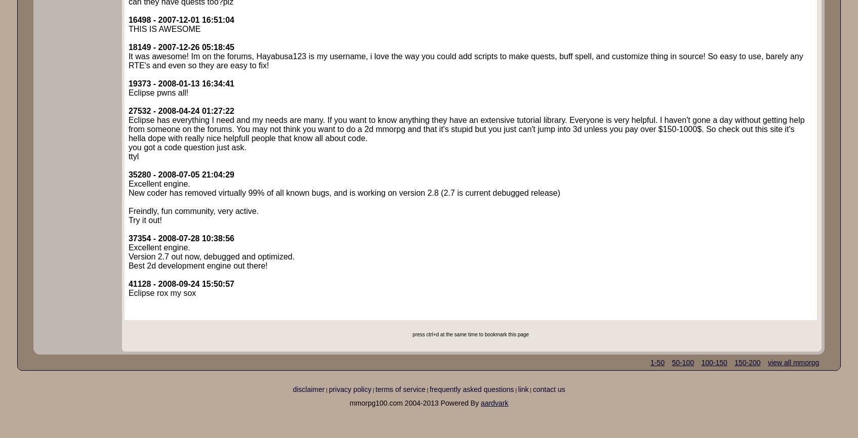 This screenshot has height=438, width=858. I want to click on '27532 - 2008-04-24 01:27:22', so click(180, 110).